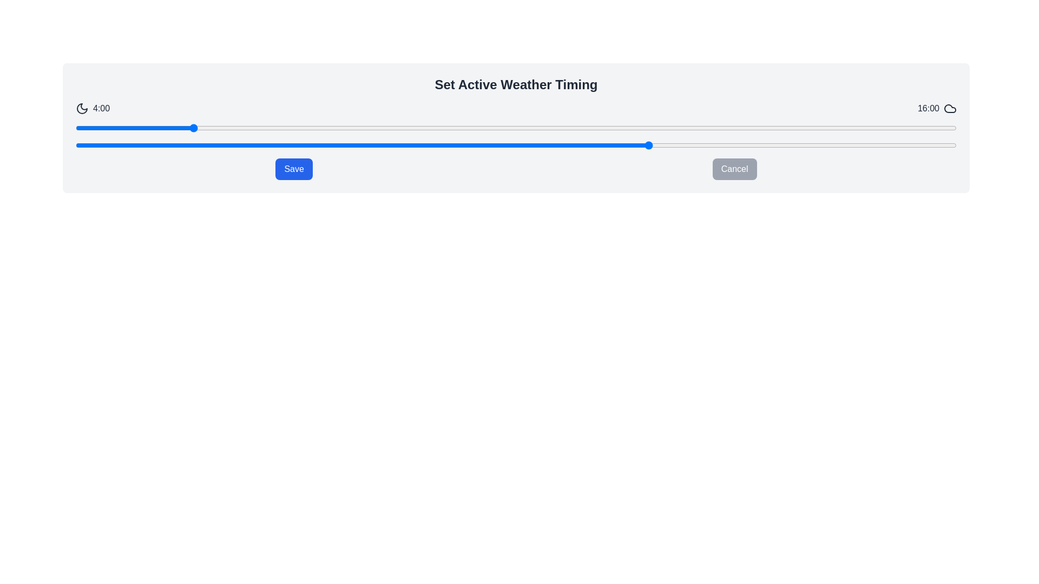  Describe the element at coordinates (294, 169) in the screenshot. I see `the 'Save' button, which is a rectangular button with a blue background and white text` at that location.